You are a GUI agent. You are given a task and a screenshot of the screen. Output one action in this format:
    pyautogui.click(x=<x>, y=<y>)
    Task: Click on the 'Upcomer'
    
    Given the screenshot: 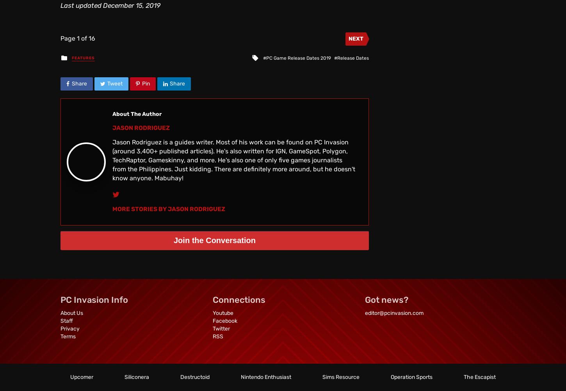 What is the action you would take?
    pyautogui.click(x=81, y=377)
    